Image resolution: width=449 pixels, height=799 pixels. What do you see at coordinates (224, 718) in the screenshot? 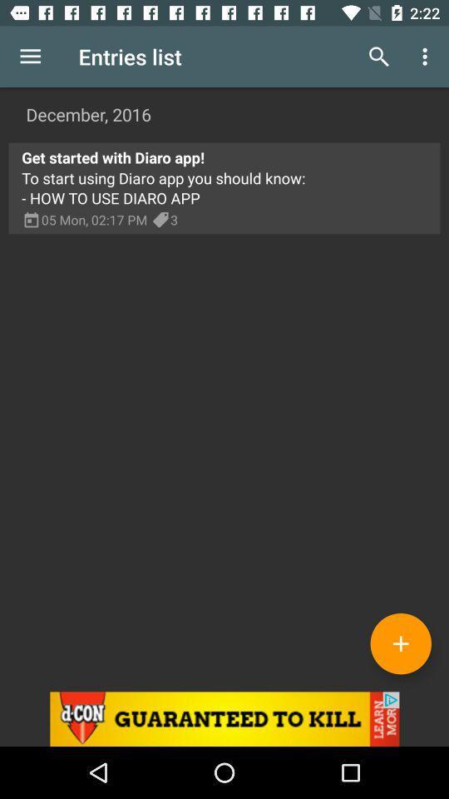
I see `advertisement banner` at bounding box center [224, 718].